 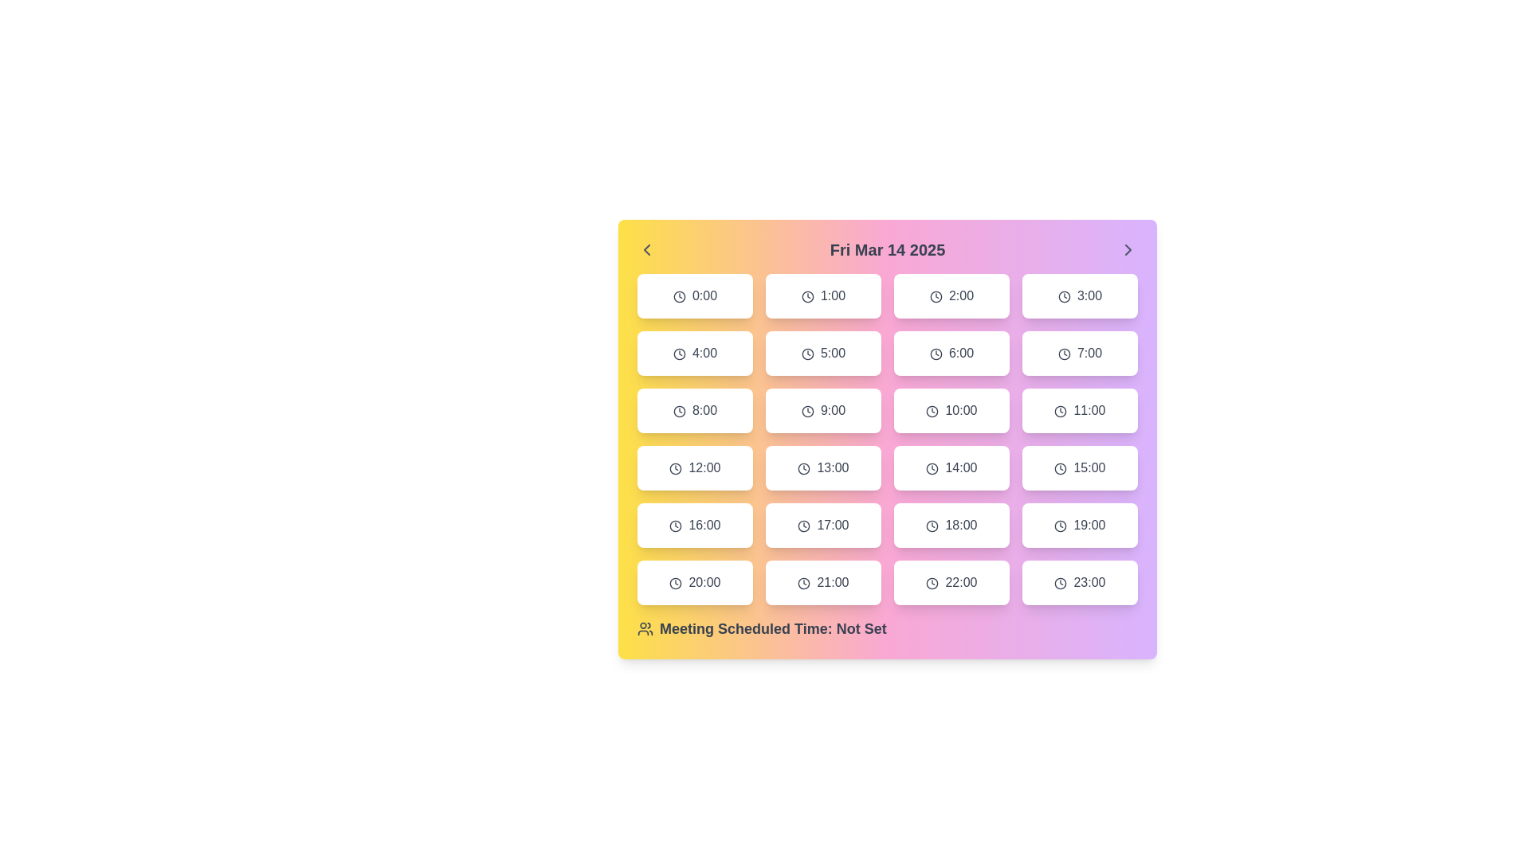 I want to click on the clock icon located inside the button labeled '10:00' in the third row, fourth column of the grid display, so click(x=932, y=410).